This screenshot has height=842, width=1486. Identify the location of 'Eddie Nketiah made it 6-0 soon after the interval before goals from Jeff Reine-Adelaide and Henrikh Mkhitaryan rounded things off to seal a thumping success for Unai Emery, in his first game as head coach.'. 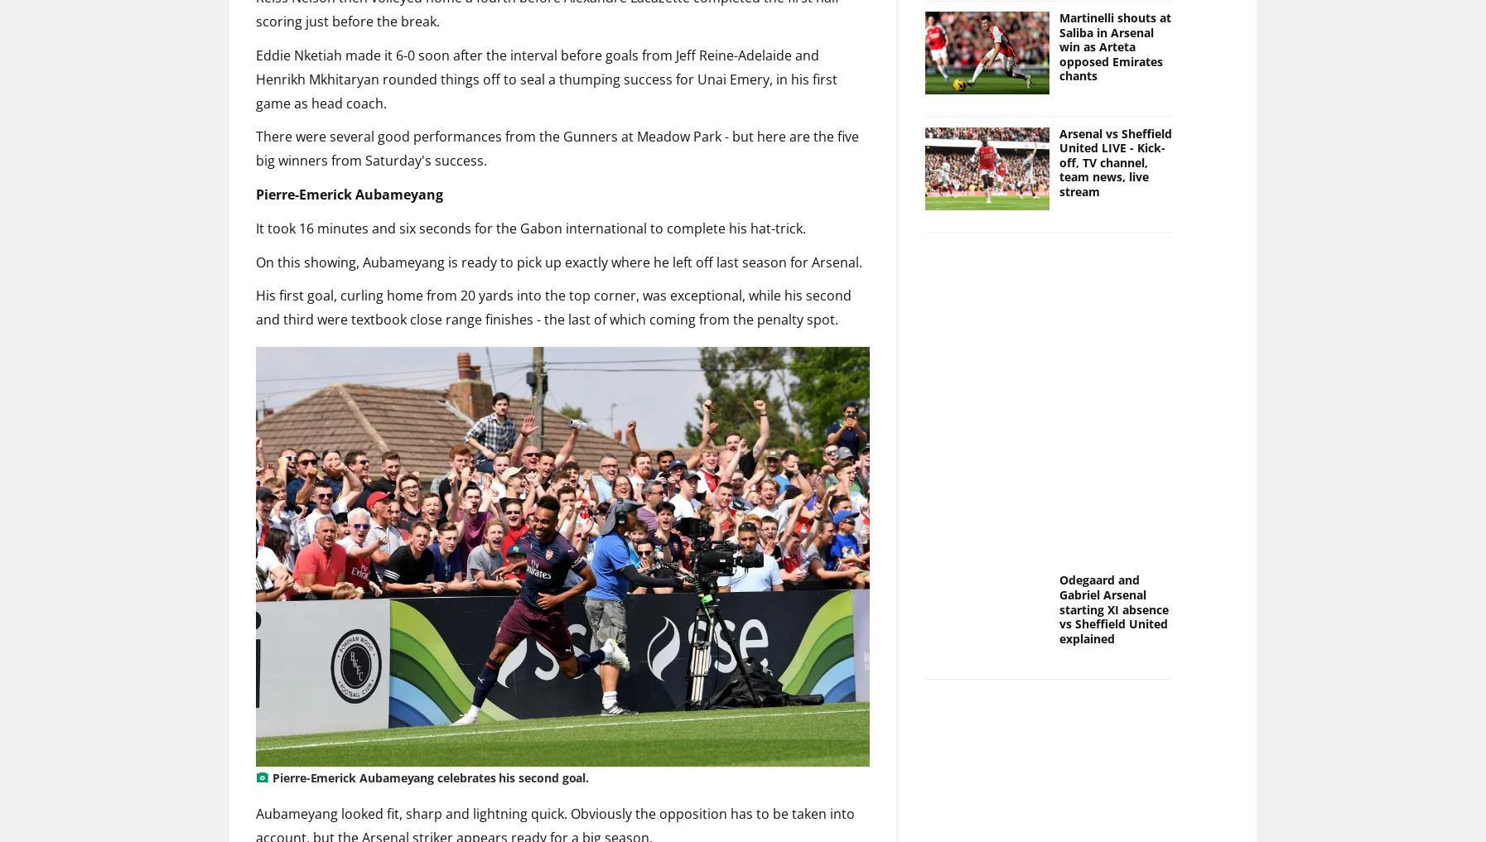
(547, 79).